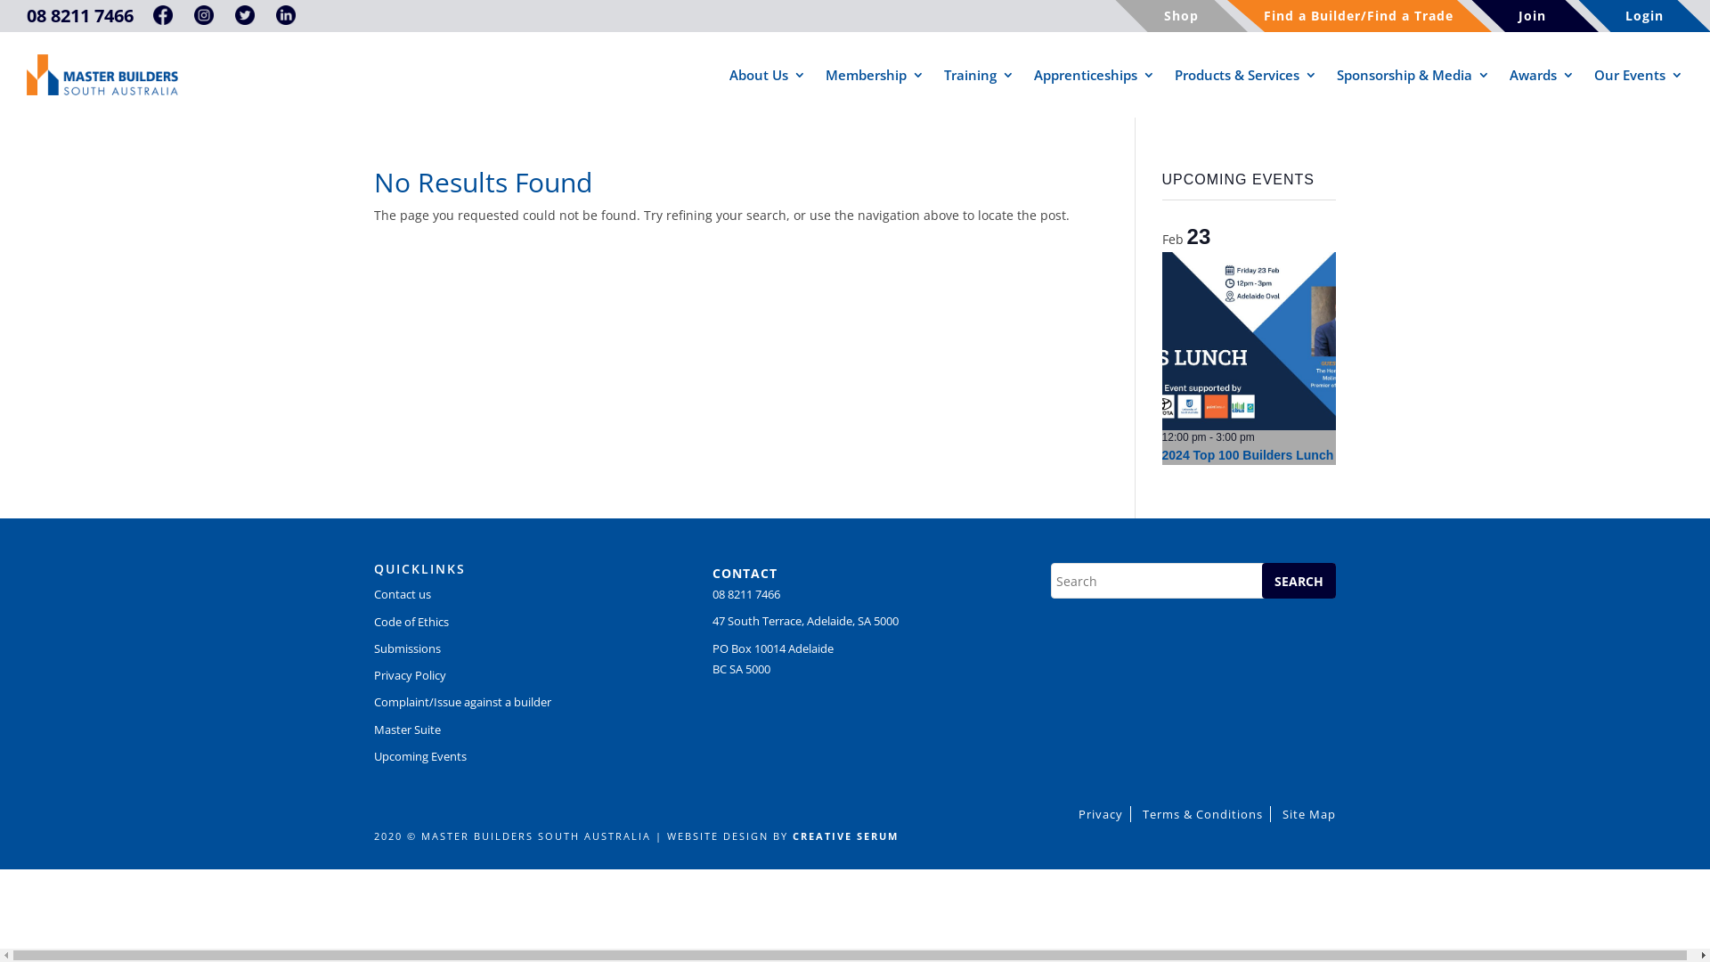  What do you see at coordinates (406, 648) in the screenshot?
I see `'Submissions'` at bounding box center [406, 648].